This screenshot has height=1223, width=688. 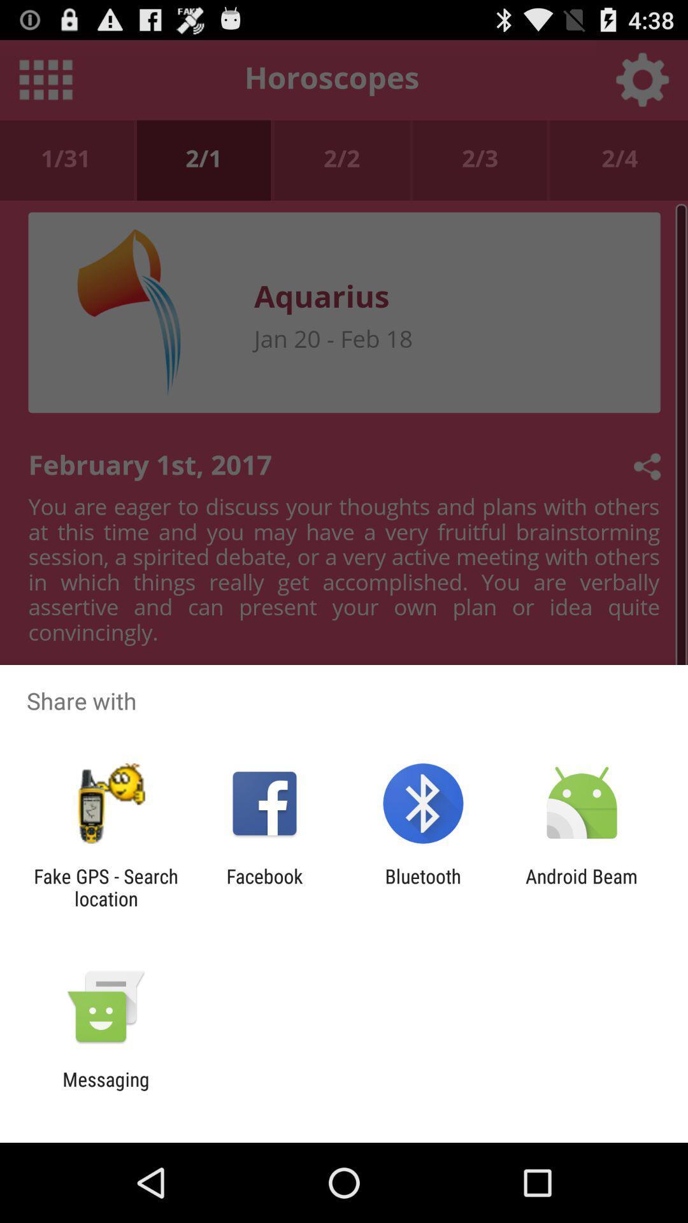 I want to click on the icon at the bottom right corner, so click(x=582, y=887).